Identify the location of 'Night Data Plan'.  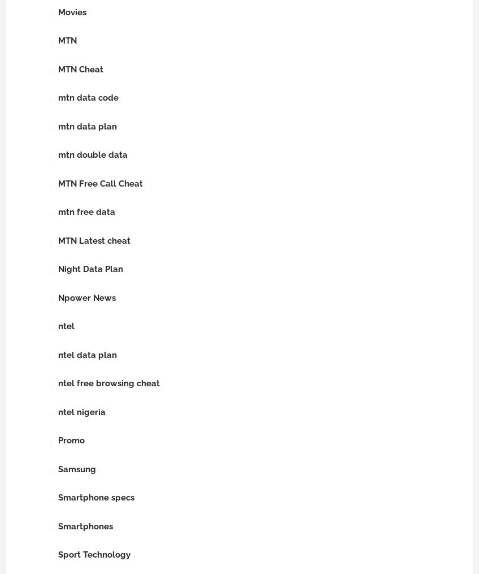
(90, 269).